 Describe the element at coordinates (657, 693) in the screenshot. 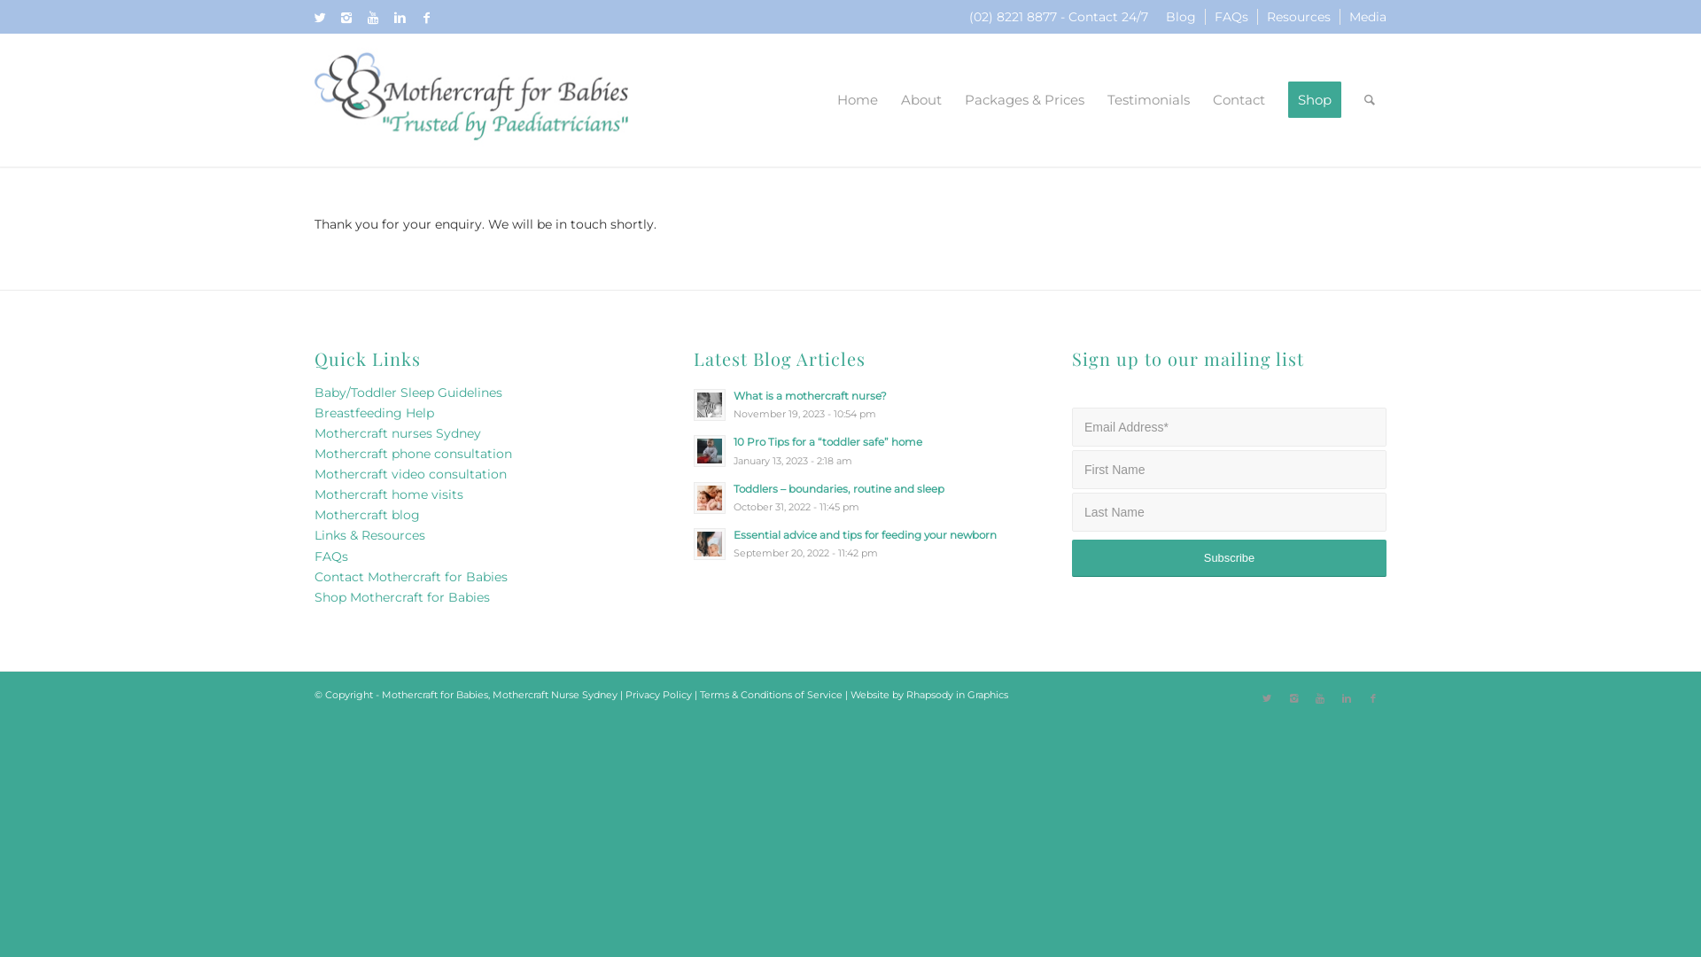

I see `'Privacy Policy'` at that location.